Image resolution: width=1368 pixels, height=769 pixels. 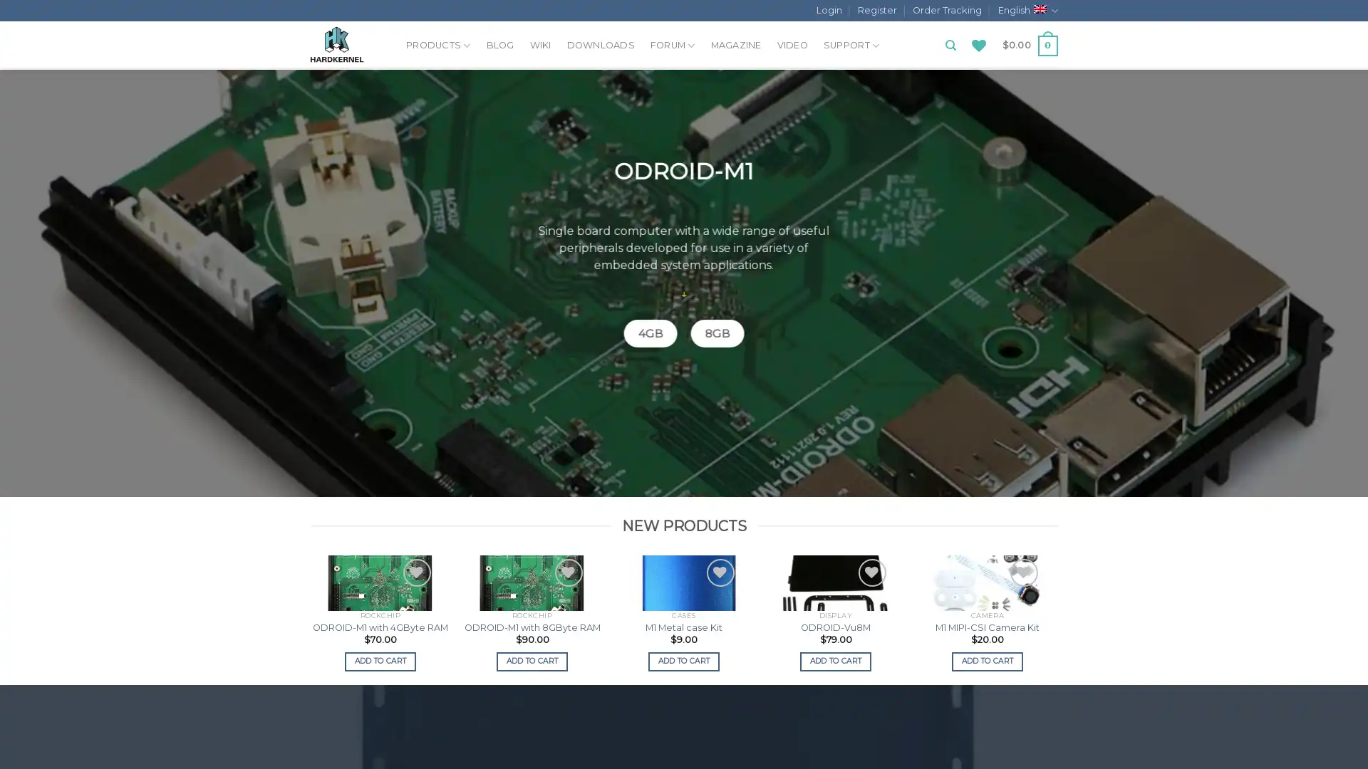 What do you see at coordinates (112, 572) in the screenshot?
I see `Wishlist` at bounding box center [112, 572].